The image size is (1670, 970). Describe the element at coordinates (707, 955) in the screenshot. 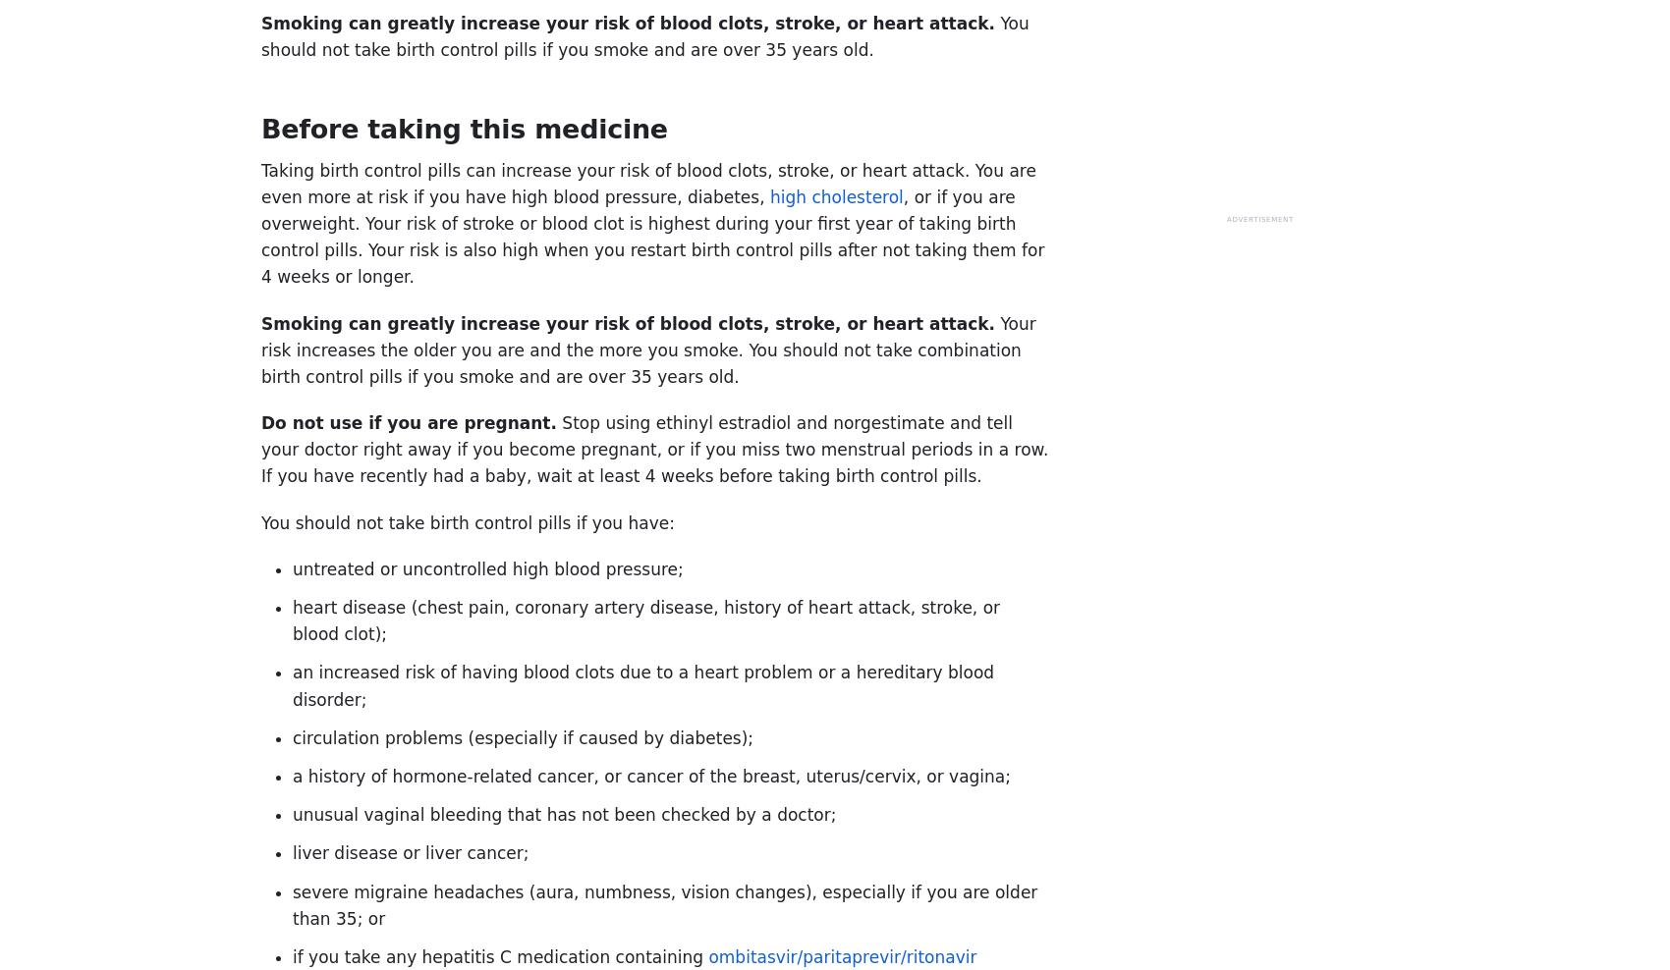

I see `'ombitasvir/paritaprevir/ritonavir'` at that location.